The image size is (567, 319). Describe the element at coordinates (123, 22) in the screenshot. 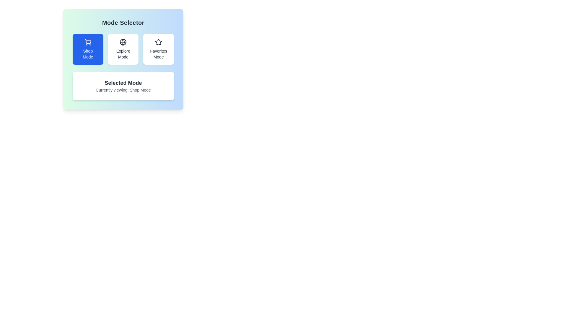

I see `the 'Mode Selector' header, which is a bold, large text element centered at the top of the mode selection interface` at that location.